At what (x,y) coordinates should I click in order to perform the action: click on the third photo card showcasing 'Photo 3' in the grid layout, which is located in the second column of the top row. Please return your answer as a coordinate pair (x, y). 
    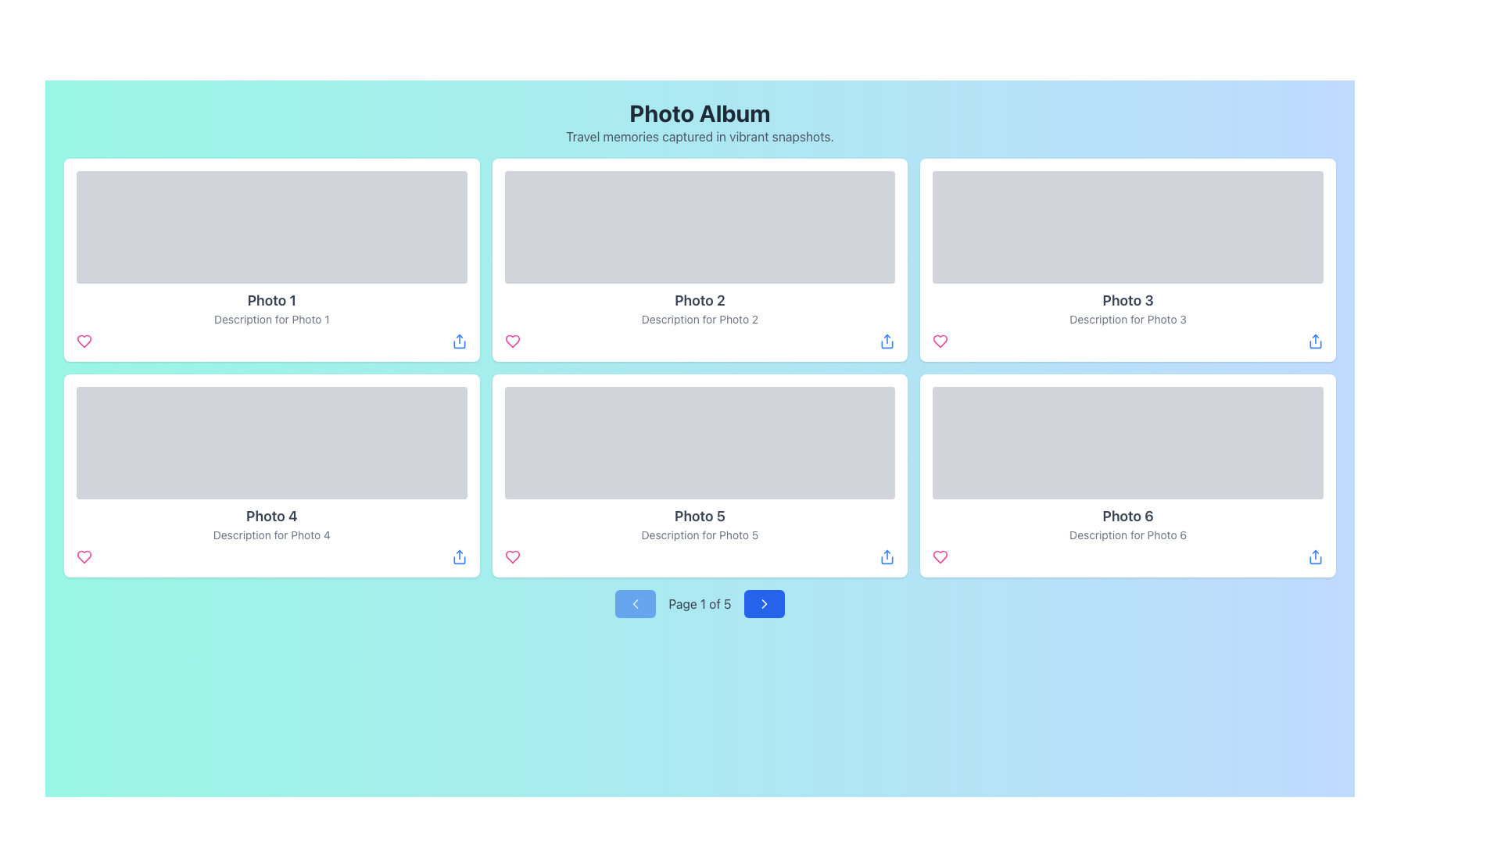
    Looking at the image, I should click on (1128, 259).